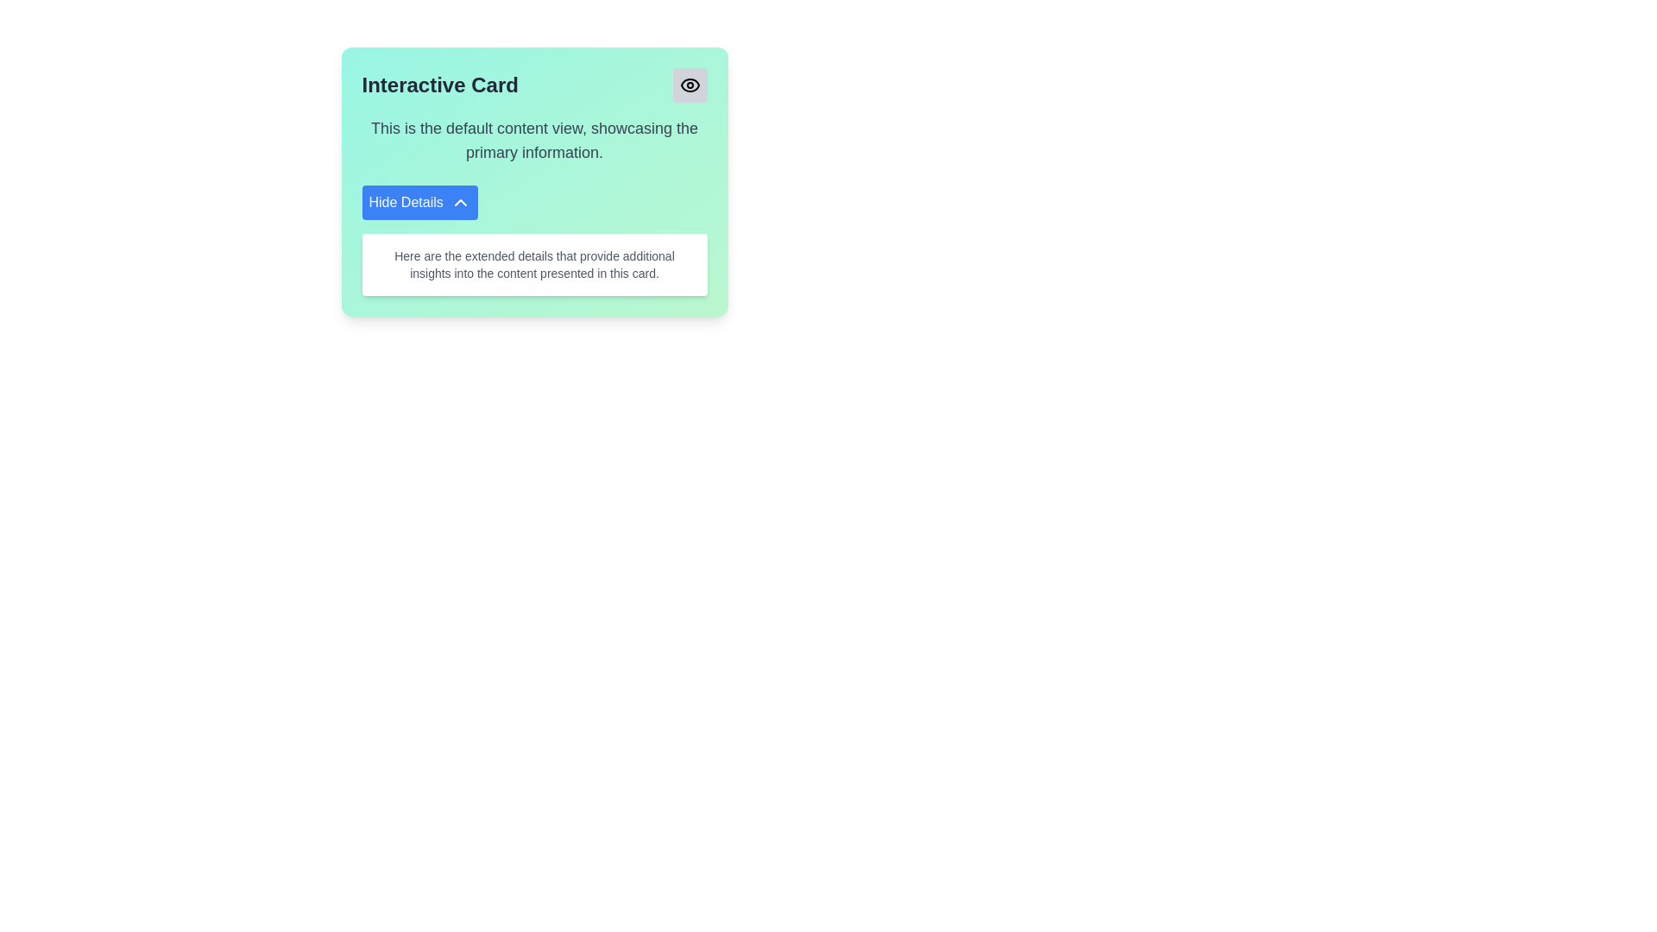  I want to click on the visibility icon located in the top-right corner of the 'Interactive Card' box, which has a light gray background and rounded corners, so click(689, 85).